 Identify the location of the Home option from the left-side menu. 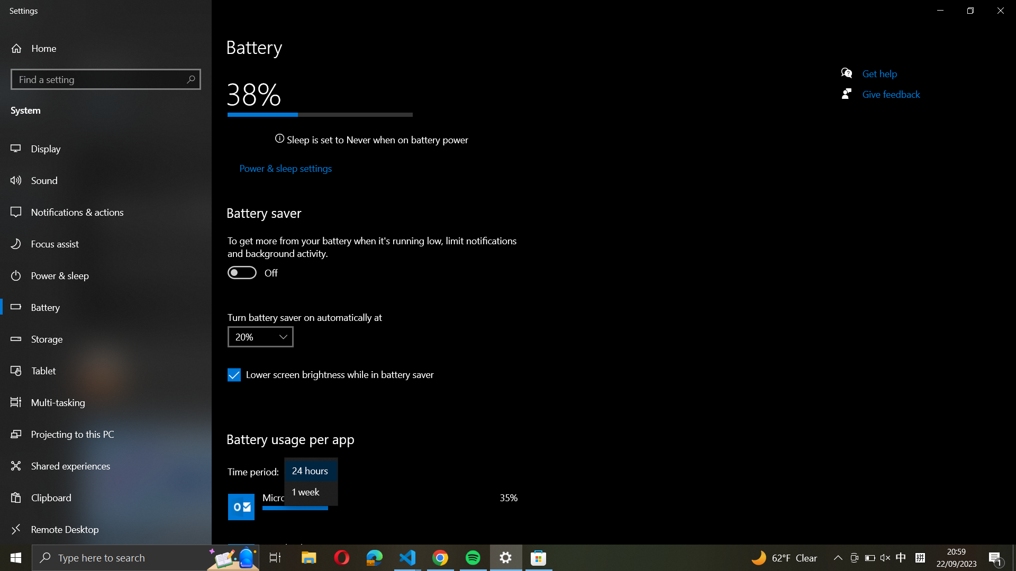
(51, 48).